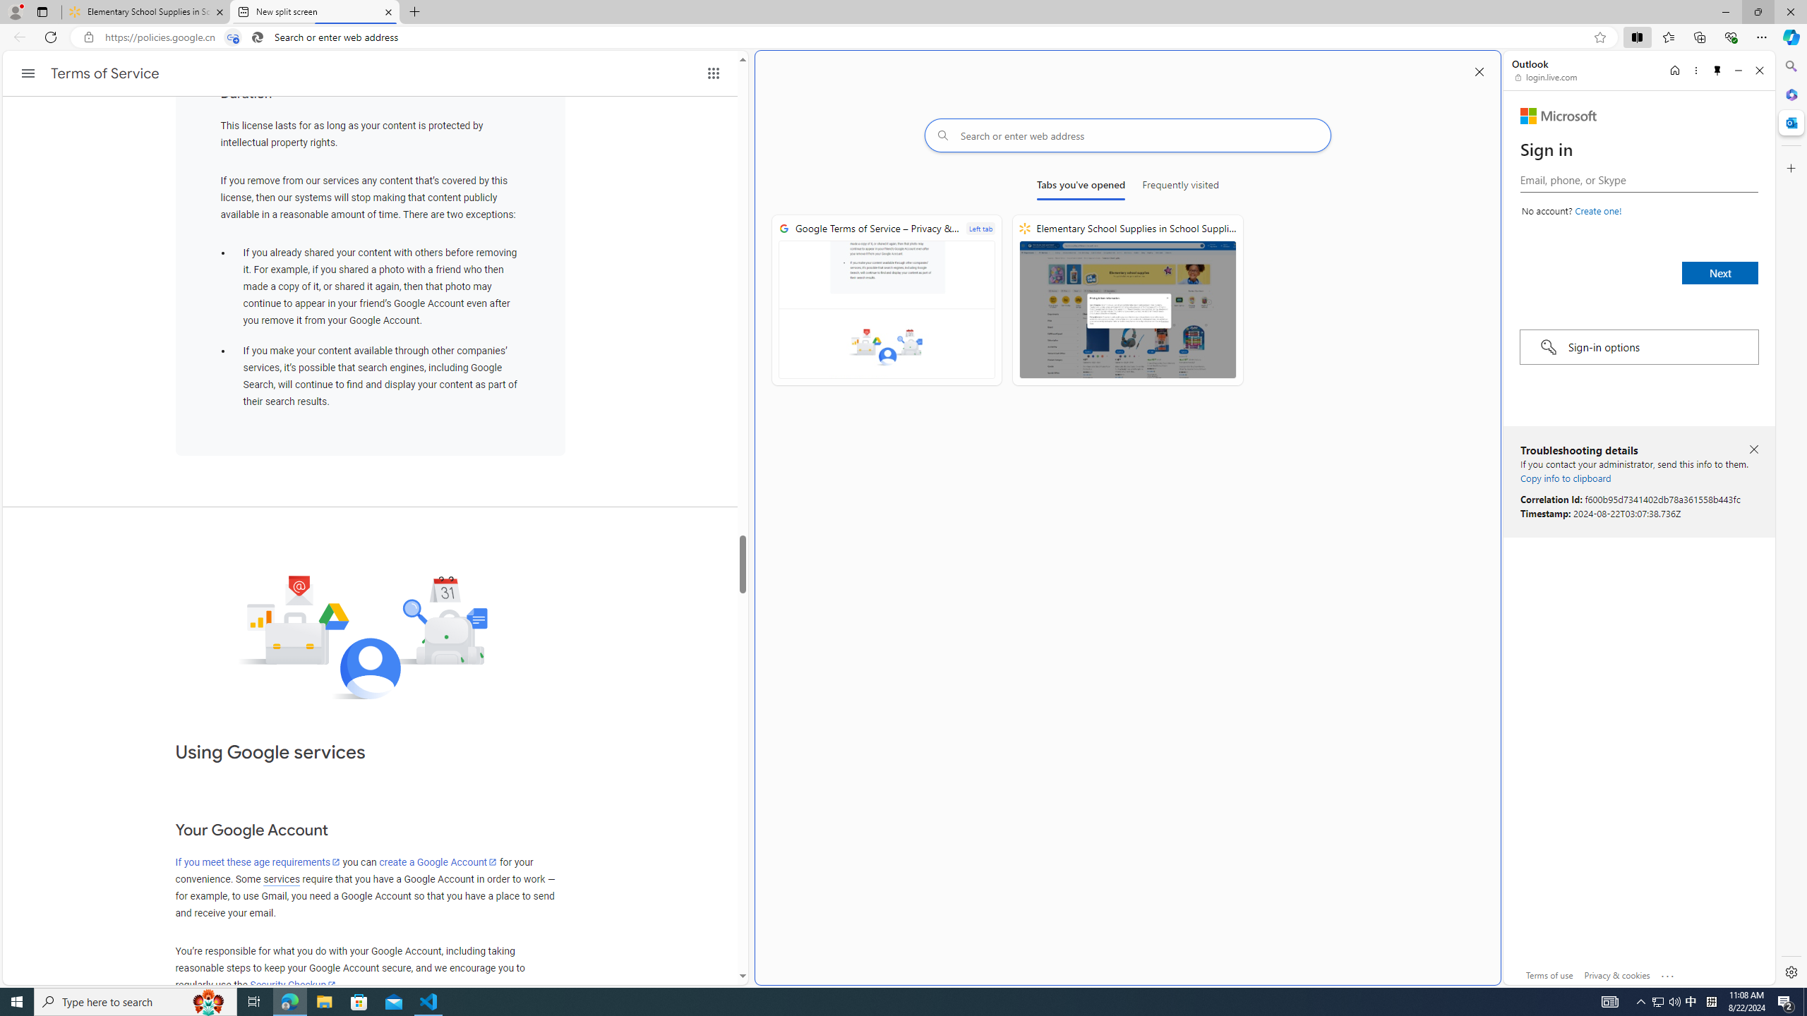 The width and height of the screenshot is (1807, 1016). I want to click on 'Frequently visited', so click(1179, 187).